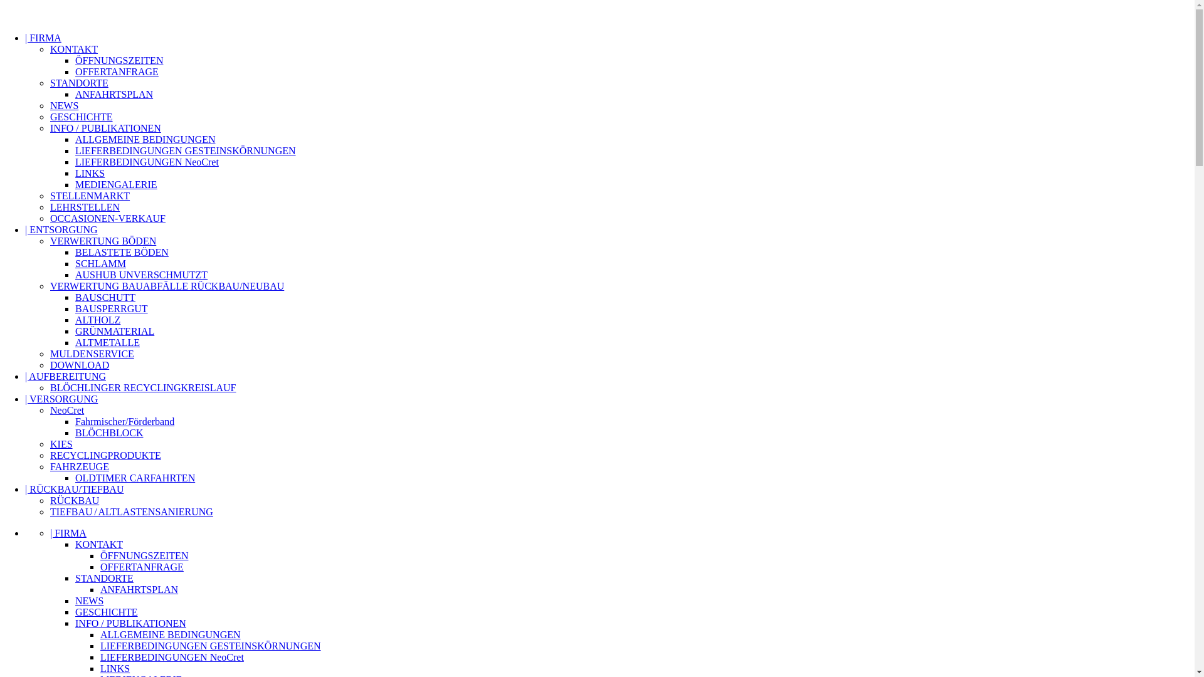  Describe the element at coordinates (66, 410) in the screenshot. I see `'NeoCret'` at that location.